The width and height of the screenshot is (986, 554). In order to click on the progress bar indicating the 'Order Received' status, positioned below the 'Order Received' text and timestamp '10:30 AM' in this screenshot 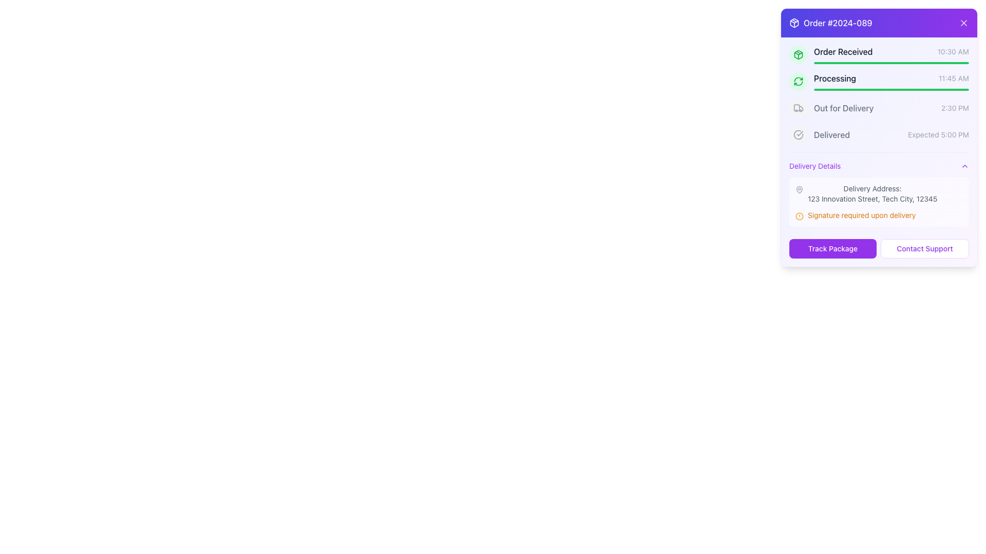, I will do `click(891, 63)`.